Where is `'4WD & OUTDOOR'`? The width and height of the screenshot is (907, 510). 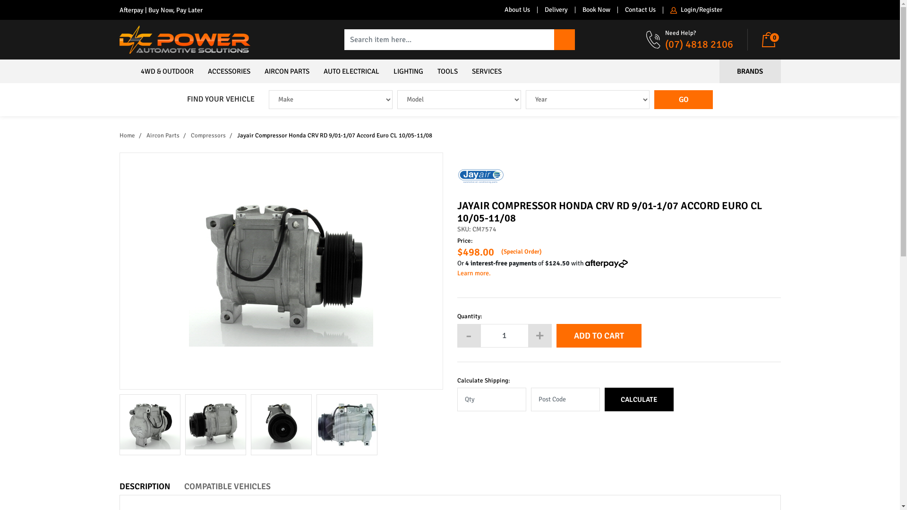
'4WD & OUTDOOR' is located at coordinates (167, 70).